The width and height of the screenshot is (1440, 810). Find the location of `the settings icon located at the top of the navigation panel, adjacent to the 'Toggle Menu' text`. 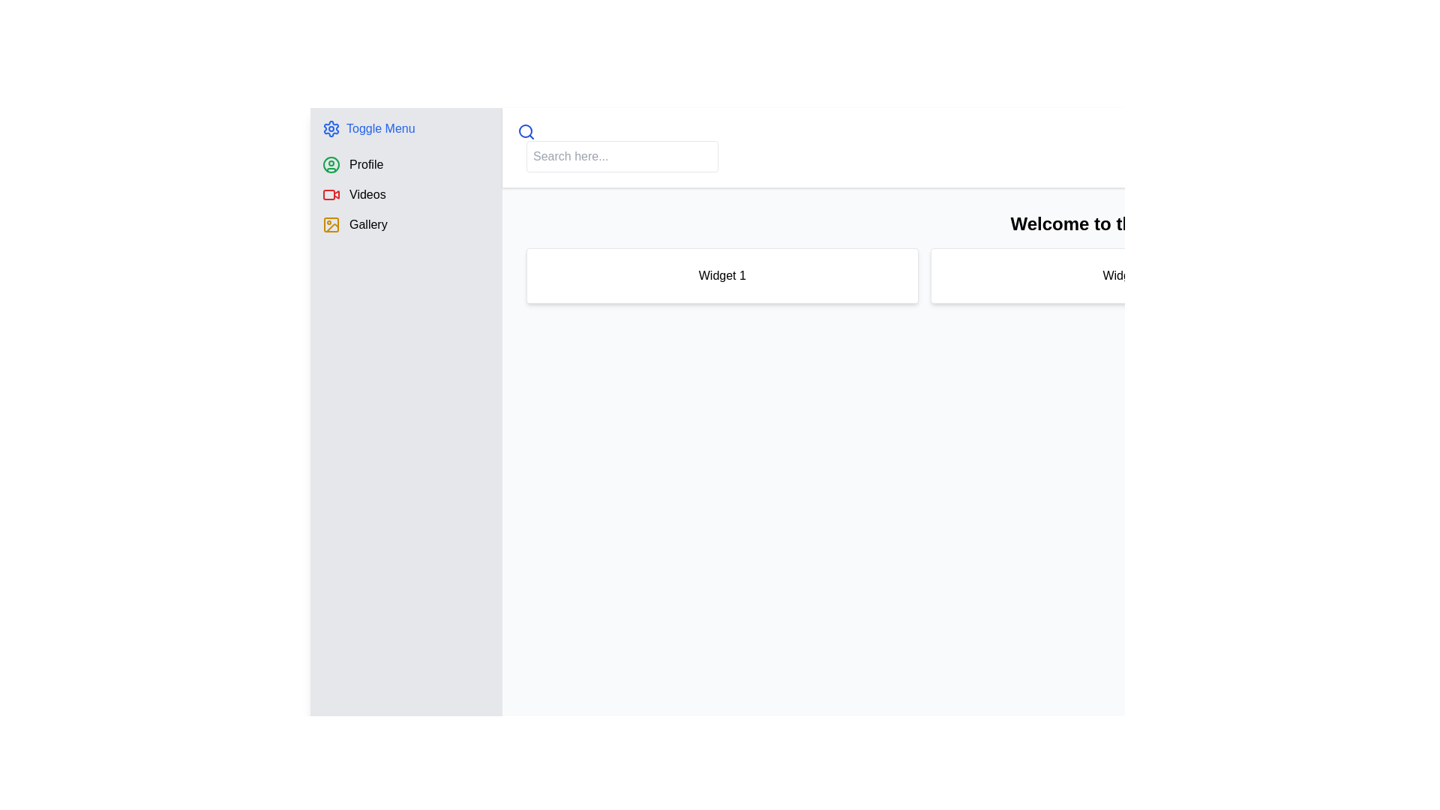

the settings icon located at the top of the navigation panel, adjacent to the 'Toggle Menu' text is located at coordinates (330, 128).